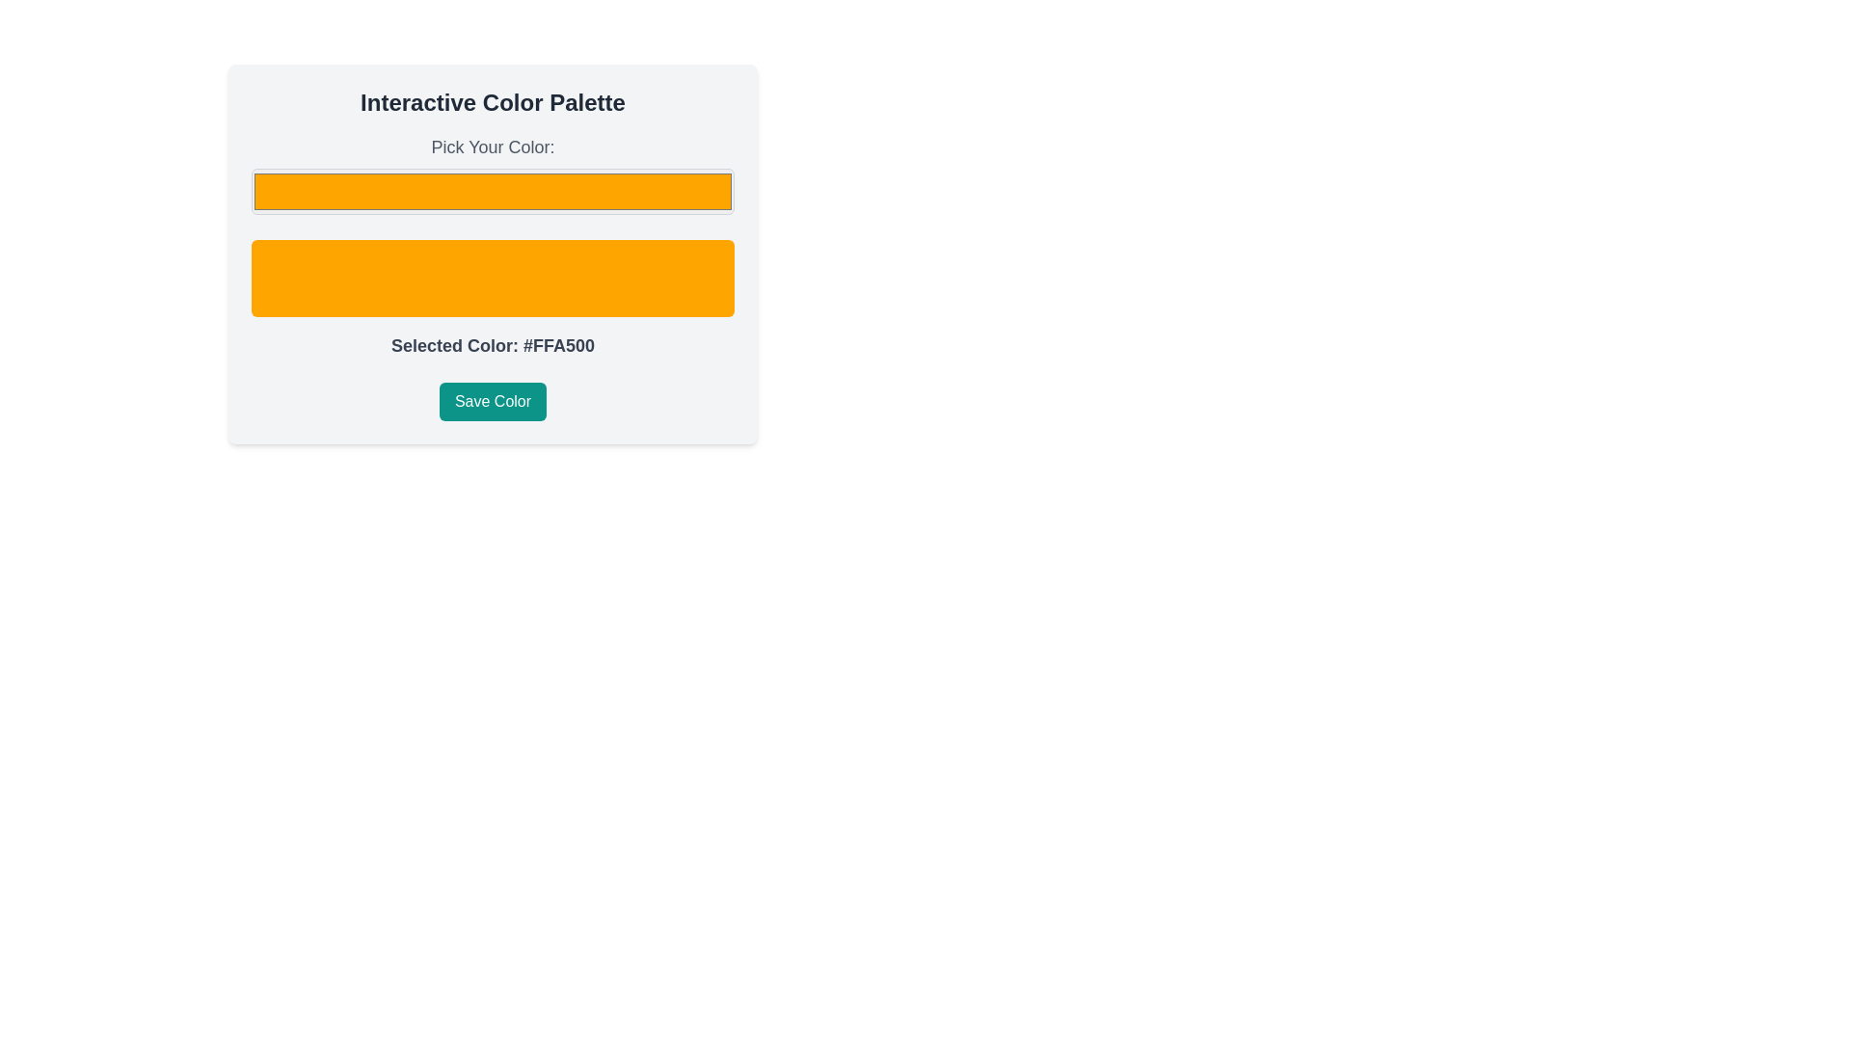 This screenshot has width=1851, height=1041. I want to click on the confirm button located at the bottom of the white card, so click(493, 400).